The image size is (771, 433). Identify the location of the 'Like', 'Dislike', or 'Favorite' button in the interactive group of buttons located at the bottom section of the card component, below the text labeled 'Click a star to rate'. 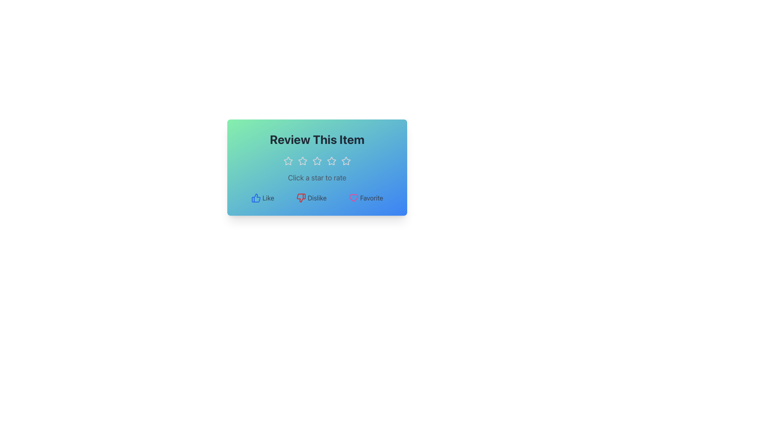
(317, 198).